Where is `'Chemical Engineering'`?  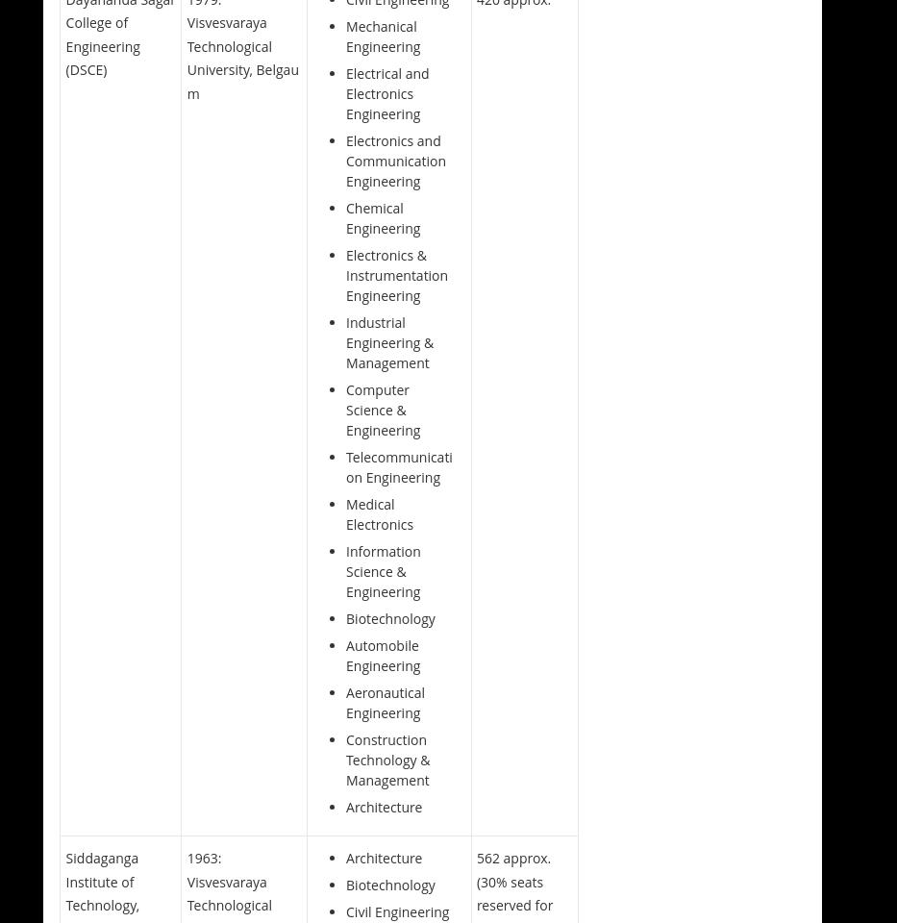
'Chemical Engineering' is located at coordinates (345, 216).